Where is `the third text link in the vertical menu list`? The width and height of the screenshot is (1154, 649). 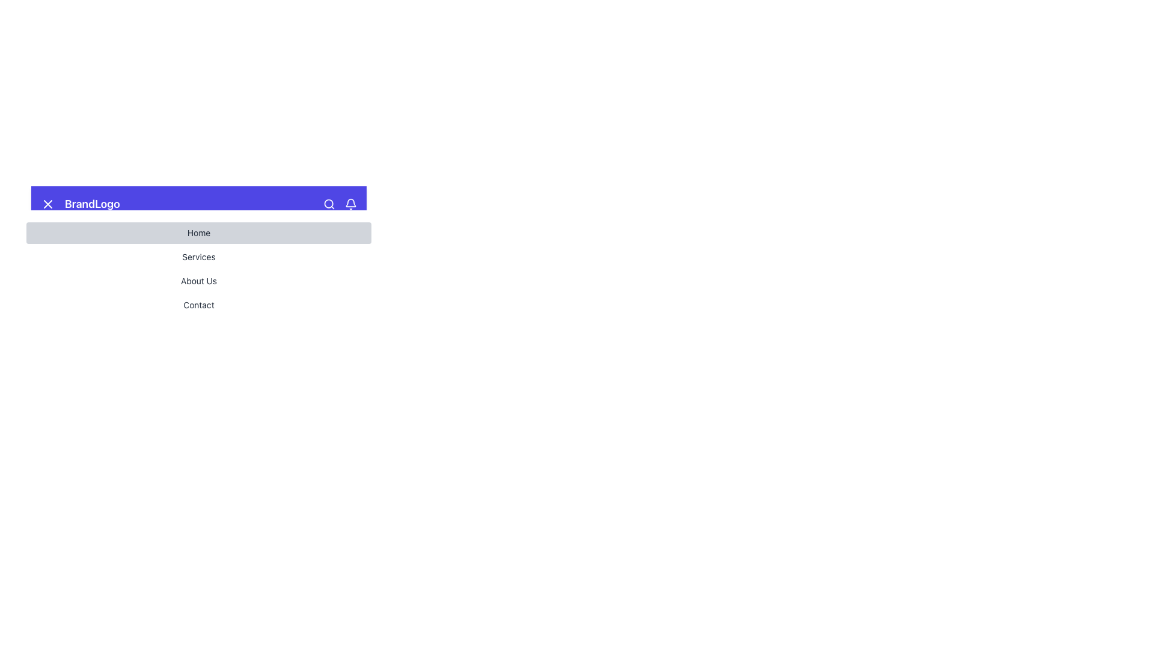 the third text link in the vertical menu list is located at coordinates (199, 281).